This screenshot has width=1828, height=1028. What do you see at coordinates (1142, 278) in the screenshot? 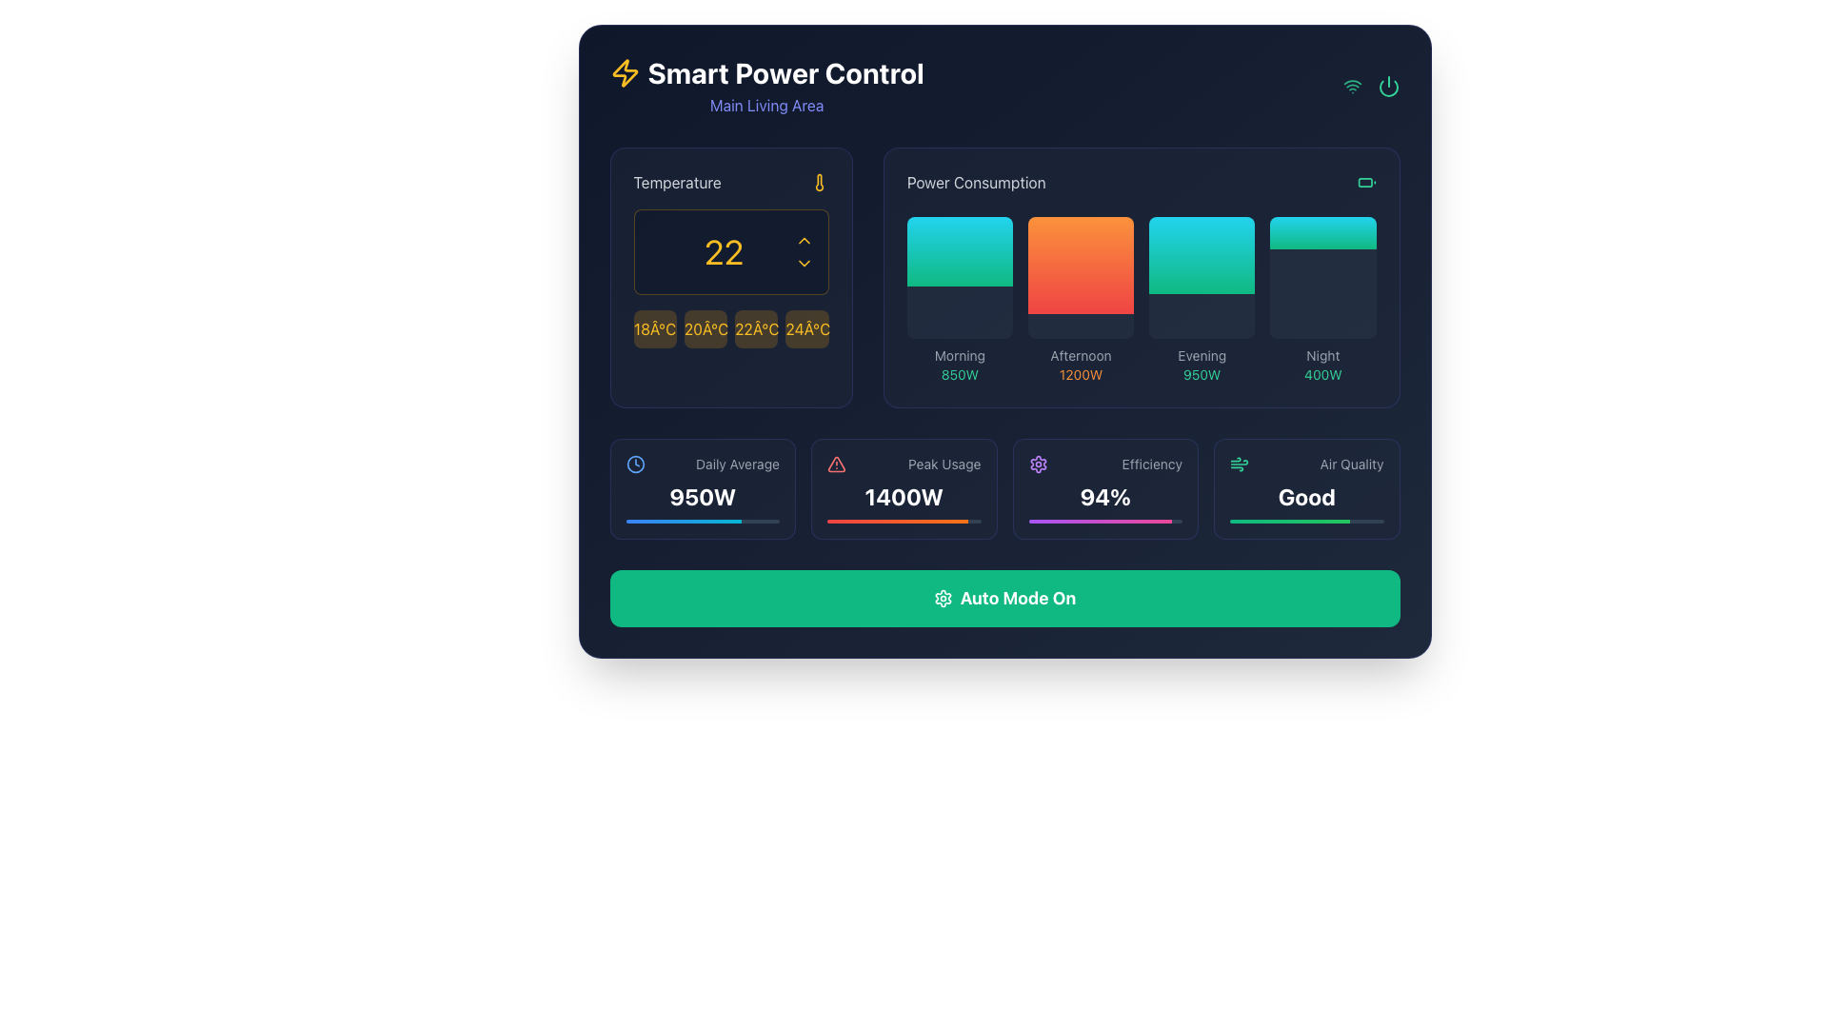
I see `the Informational panel displaying power consumption data segmented by time periods` at bounding box center [1142, 278].